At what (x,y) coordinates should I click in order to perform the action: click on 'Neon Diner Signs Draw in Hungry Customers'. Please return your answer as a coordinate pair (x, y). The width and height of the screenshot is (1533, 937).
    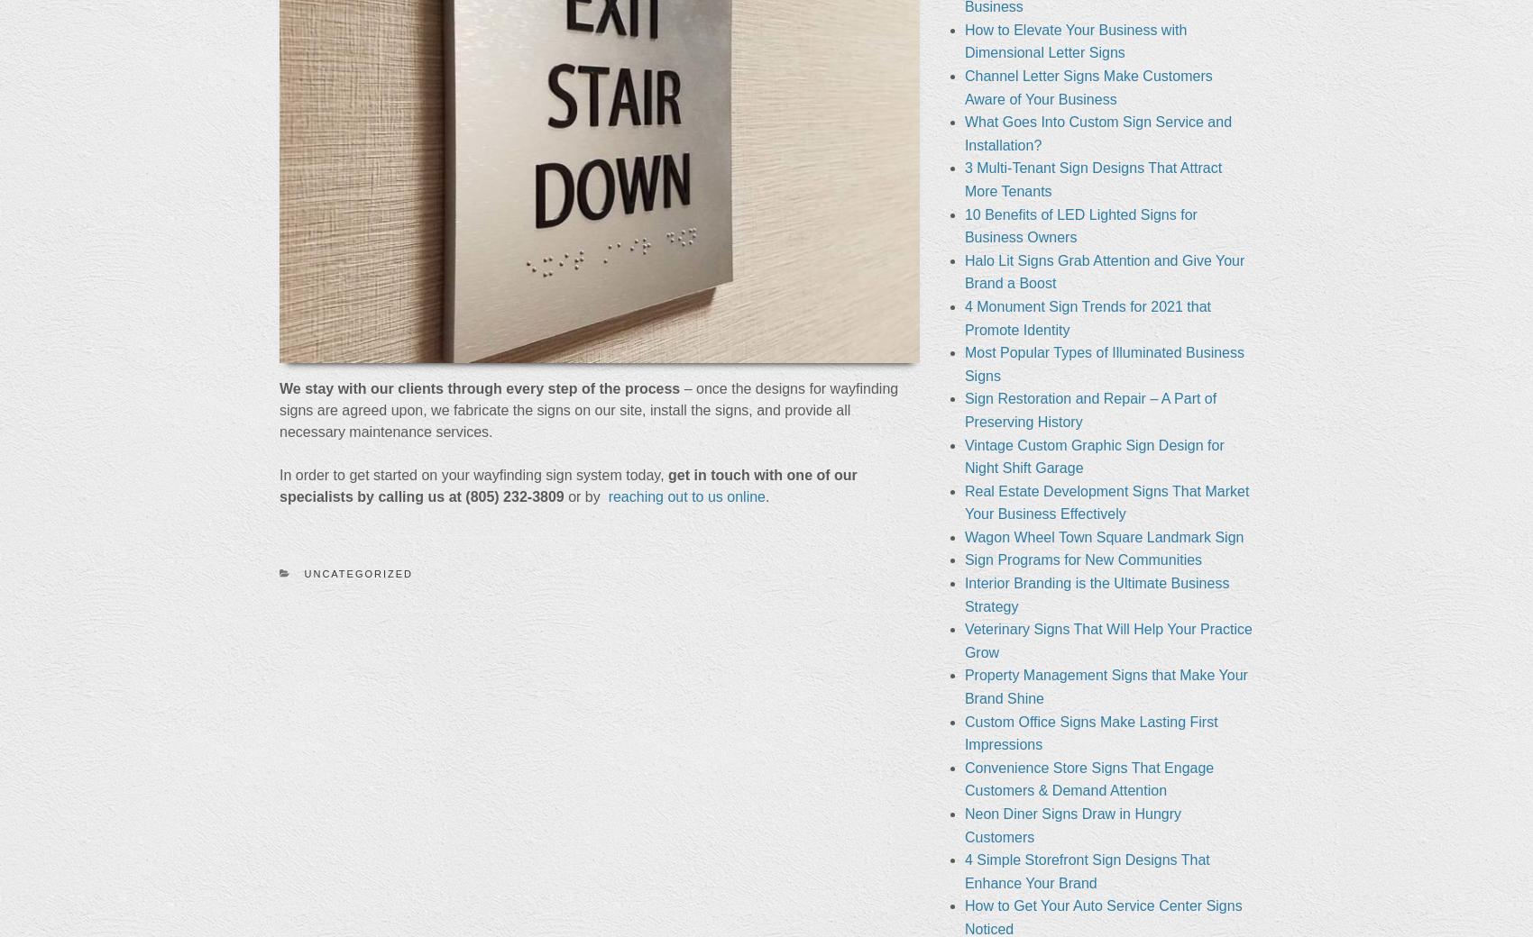
    Looking at the image, I should click on (963, 825).